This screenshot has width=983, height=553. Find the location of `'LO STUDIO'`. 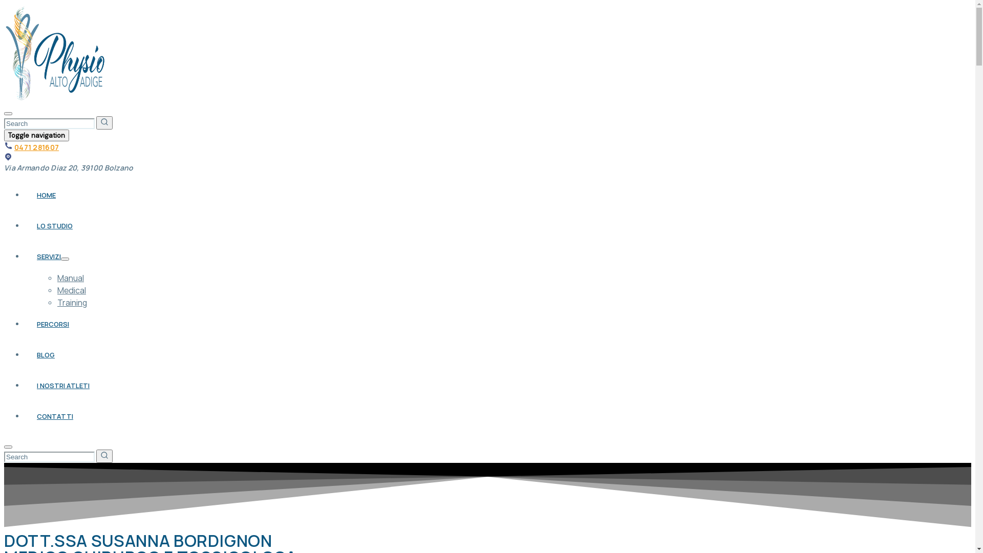

'LO STUDIO' is located at coordinates (54, 225).